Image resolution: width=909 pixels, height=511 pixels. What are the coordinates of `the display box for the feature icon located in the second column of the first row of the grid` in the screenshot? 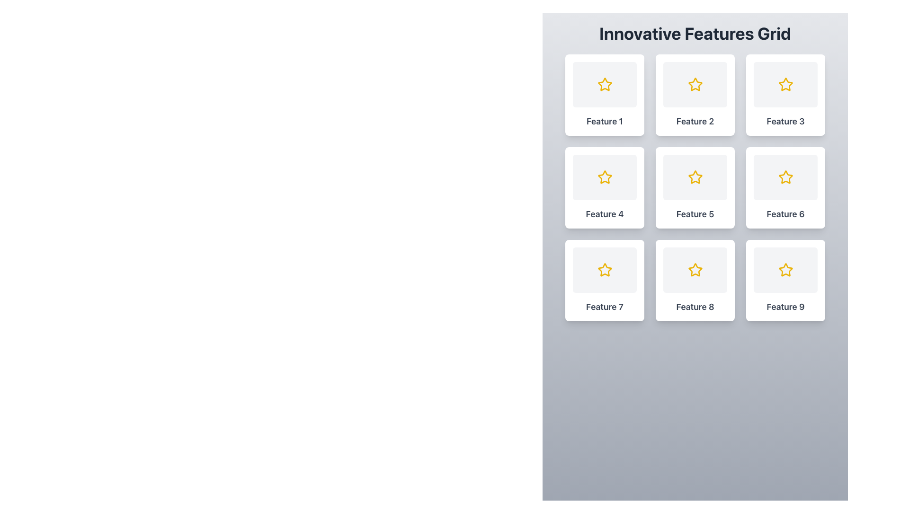 It's located at (695, 84).